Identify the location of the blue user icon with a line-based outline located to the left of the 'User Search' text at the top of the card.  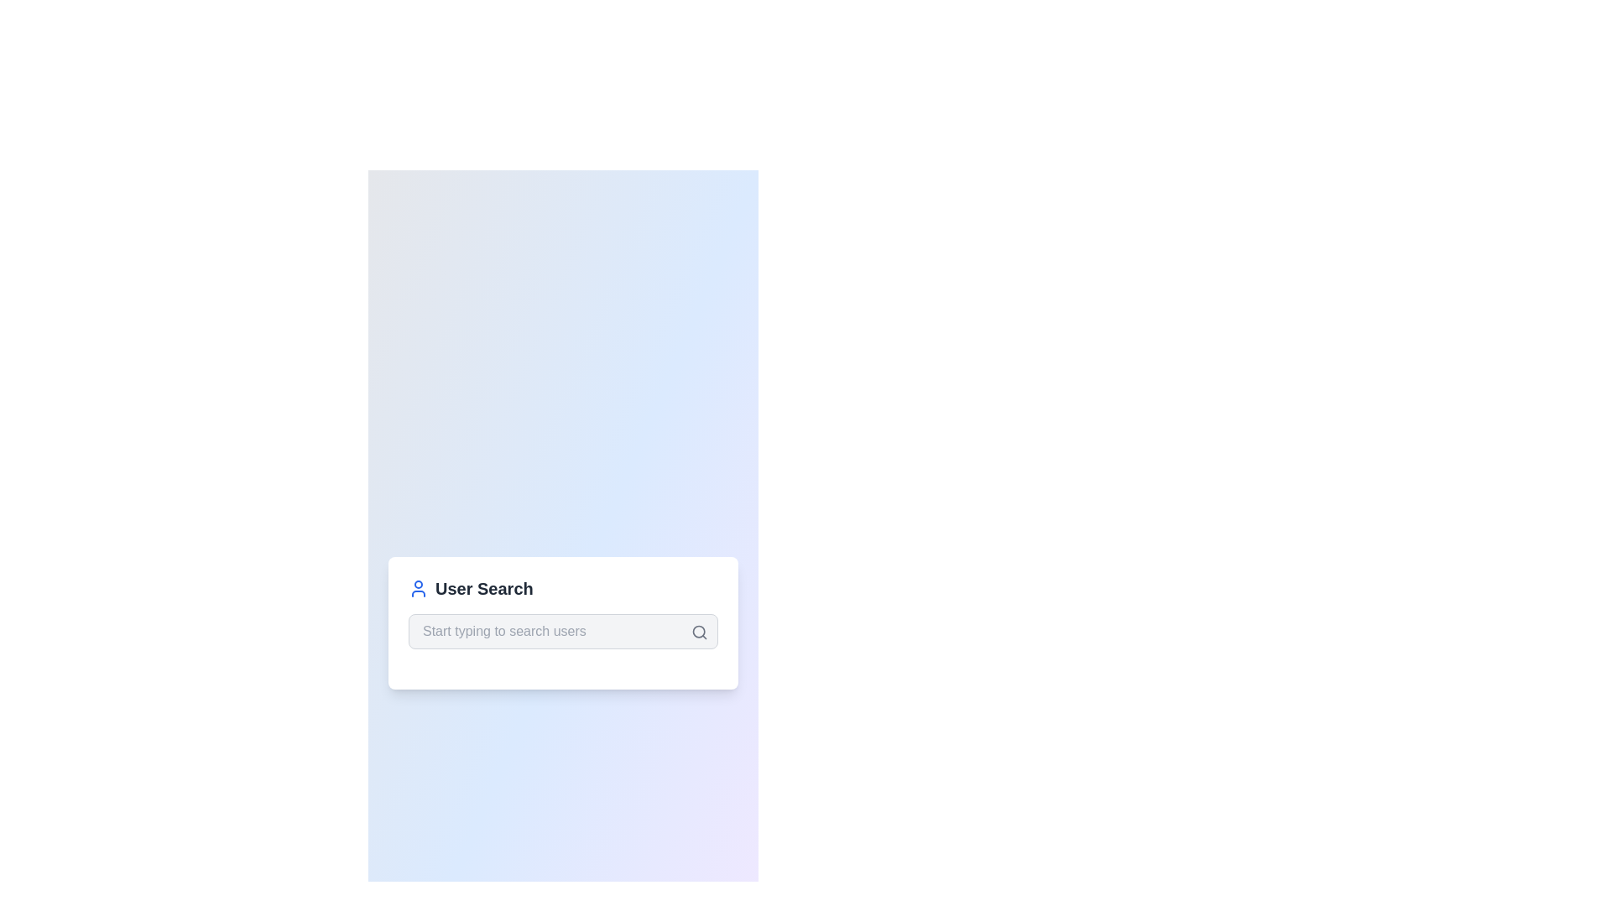
(419, 588).